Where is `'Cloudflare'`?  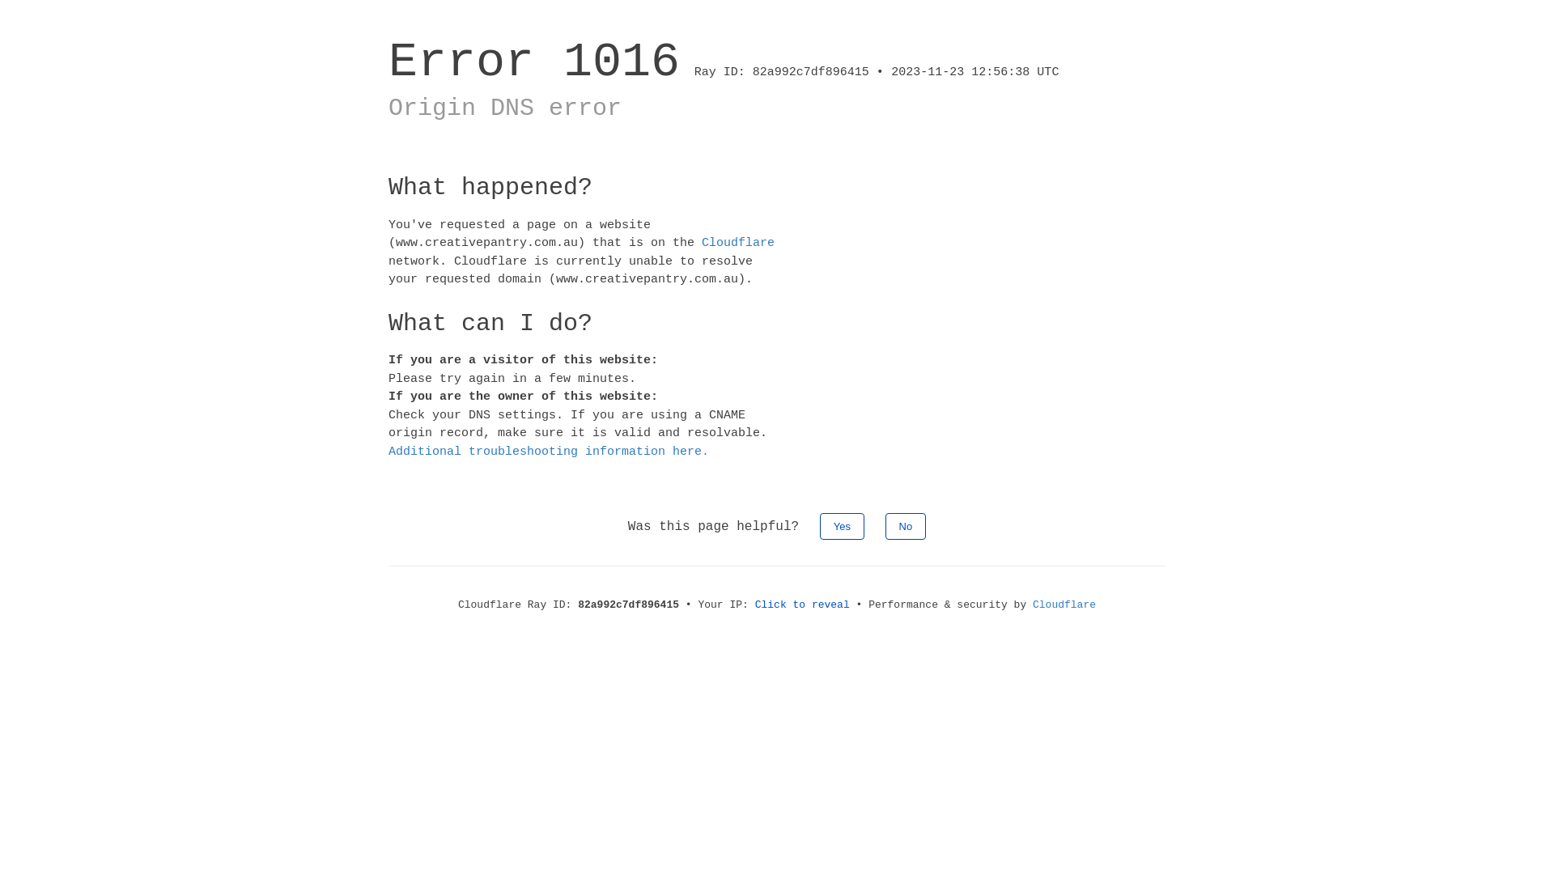 'Cloudflare' is located at coordinates (1064, 605).